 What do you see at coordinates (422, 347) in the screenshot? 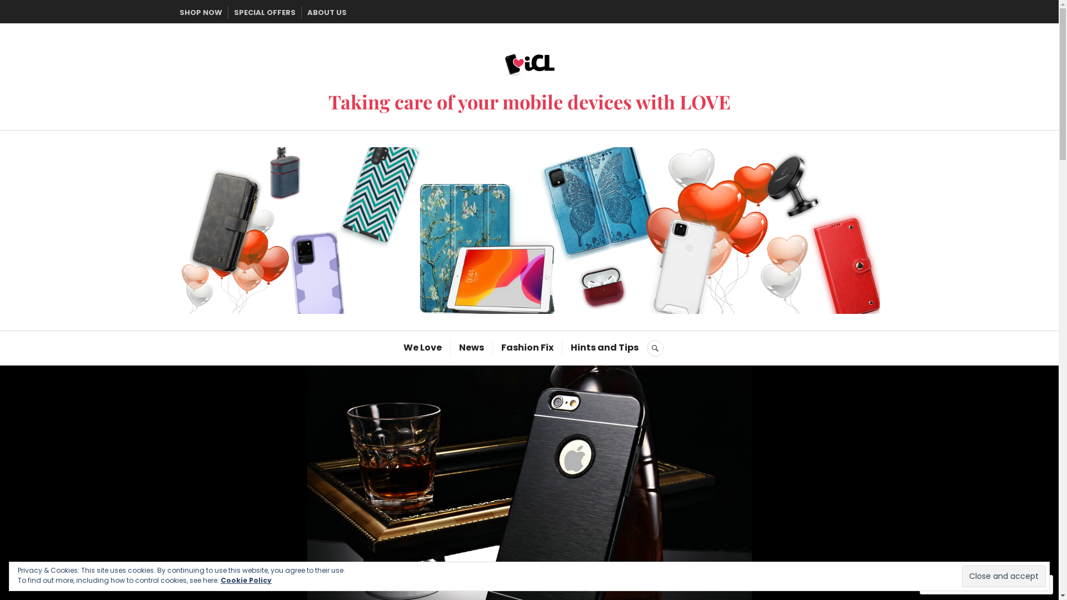
I see `'We Love'` at bounding box center [422, 347].